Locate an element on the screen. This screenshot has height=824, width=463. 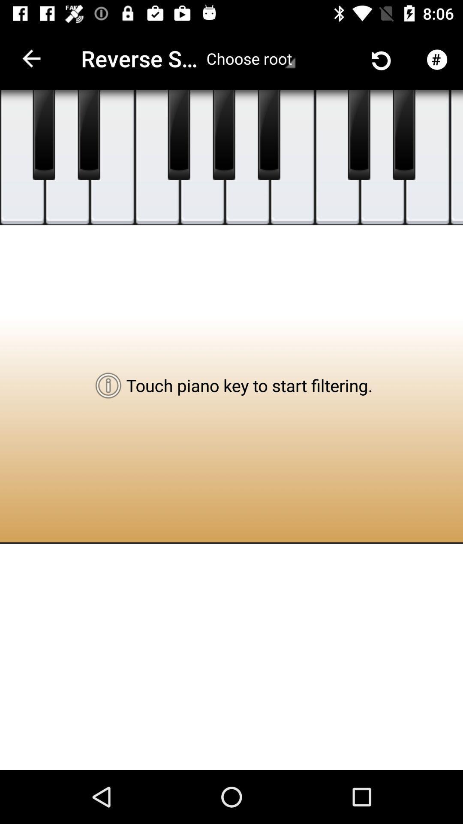
start filtering is located at coordinates (382, 158).